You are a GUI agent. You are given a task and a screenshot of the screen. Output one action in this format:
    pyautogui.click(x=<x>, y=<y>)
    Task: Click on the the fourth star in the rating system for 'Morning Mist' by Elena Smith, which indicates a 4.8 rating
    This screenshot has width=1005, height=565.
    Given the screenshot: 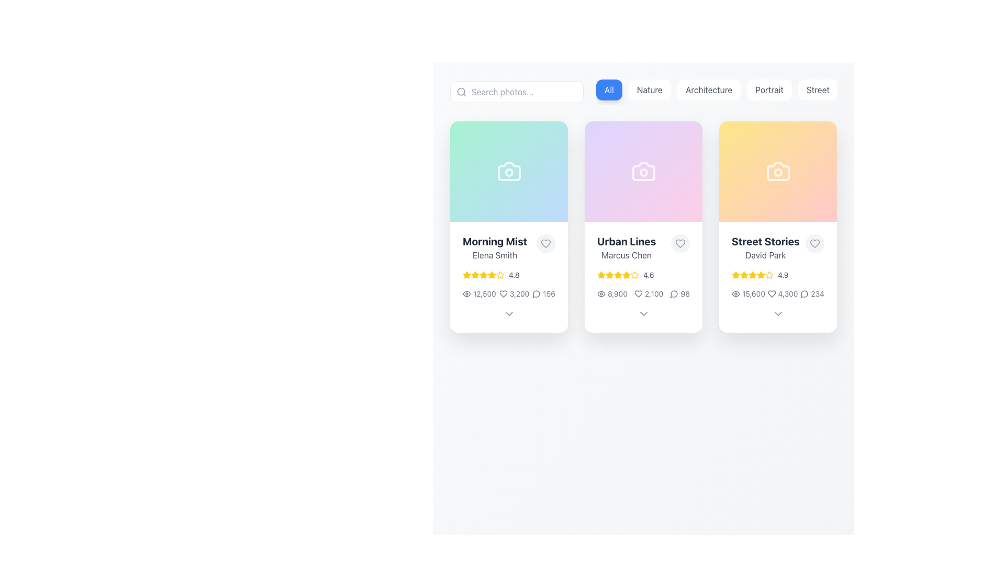 What is the action you would take?
    pyautogui.click(x=483, y=274)
    